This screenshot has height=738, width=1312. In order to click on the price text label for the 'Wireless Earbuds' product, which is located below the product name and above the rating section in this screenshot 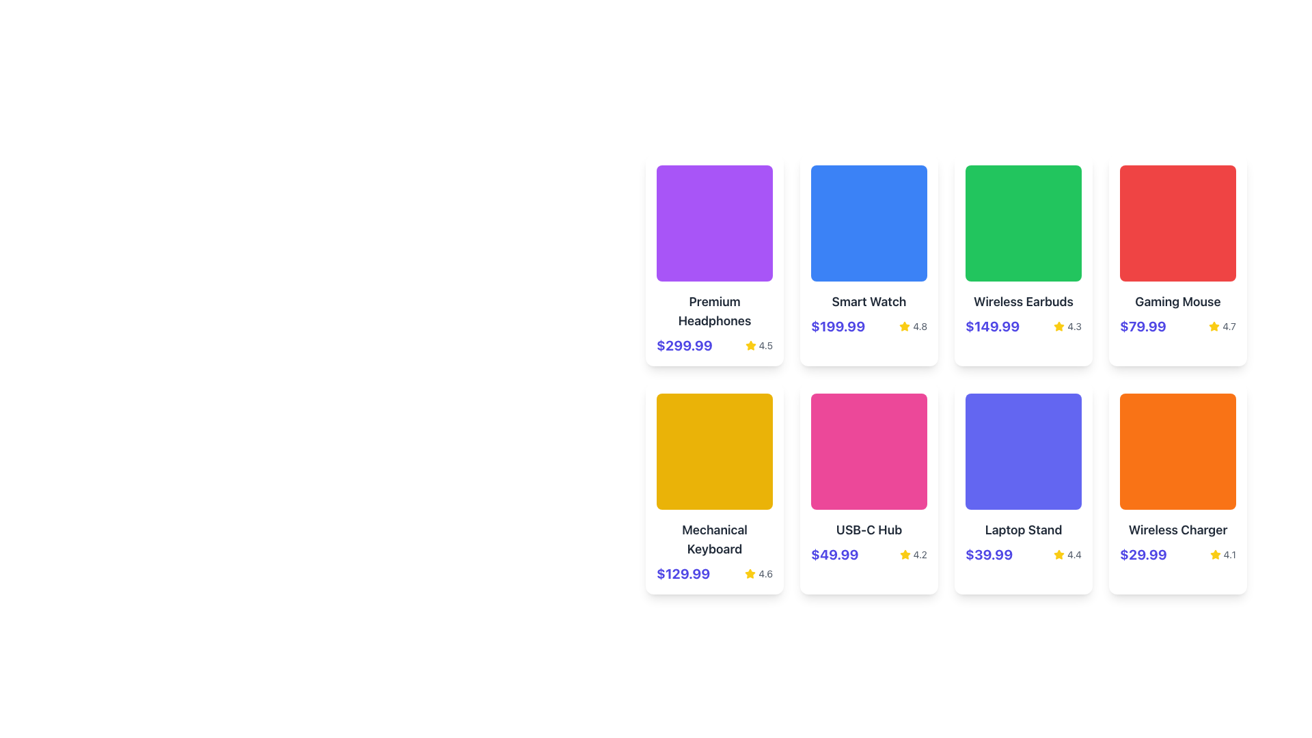, I will do `click(992, 327)`.